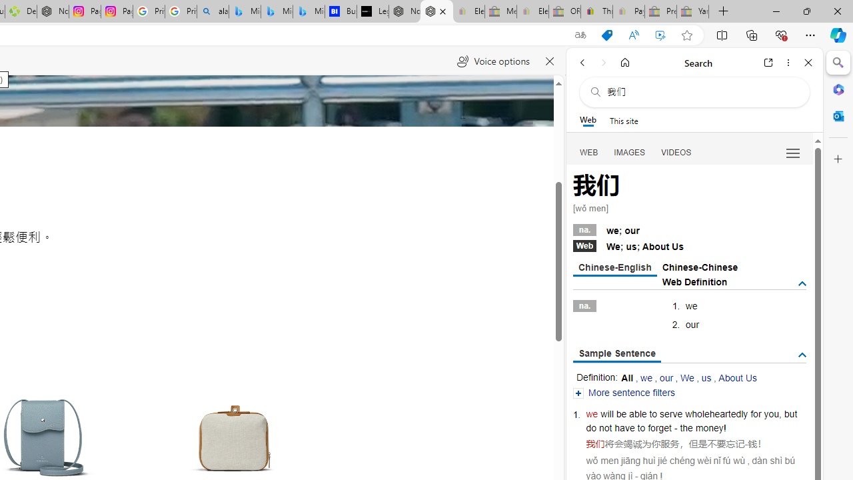 This screenshot has width=853, height=480. What do you see at coordinates (660, 35) in the screenshot?
I see `'Enhance video'` at bounding box center [660, 35].